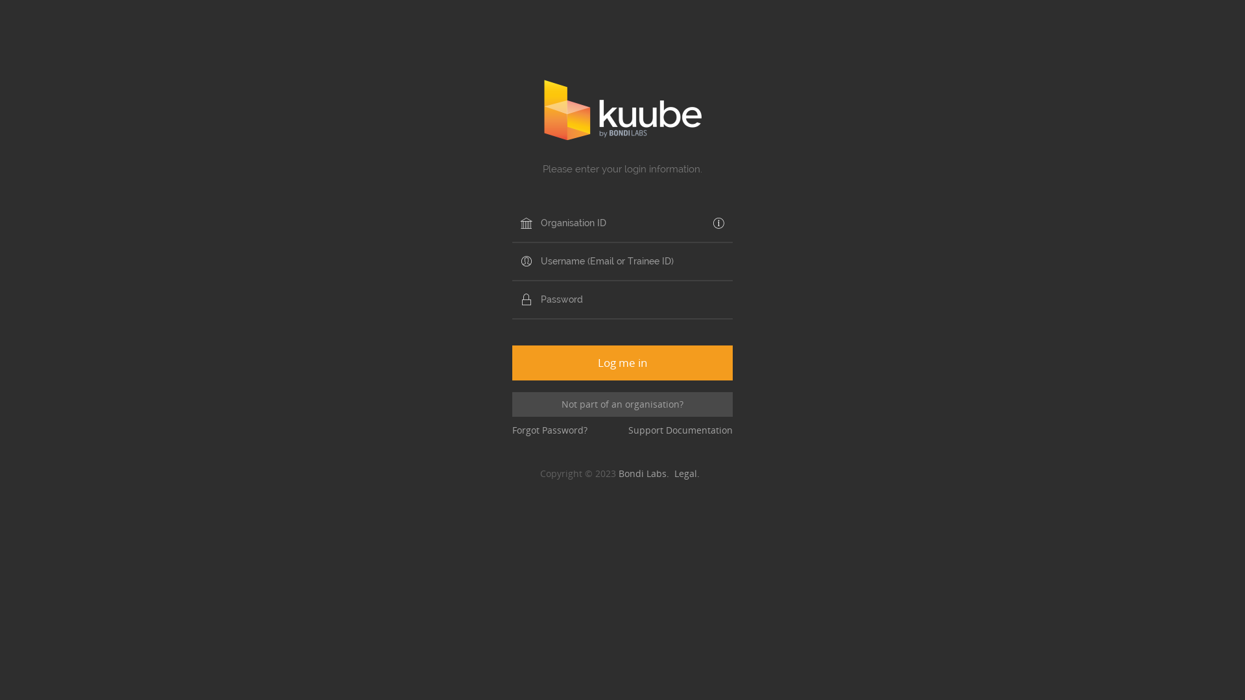 This screenshot has height=700, width=1245. I want to click on 'Forgot Password?', so click(550, 430).